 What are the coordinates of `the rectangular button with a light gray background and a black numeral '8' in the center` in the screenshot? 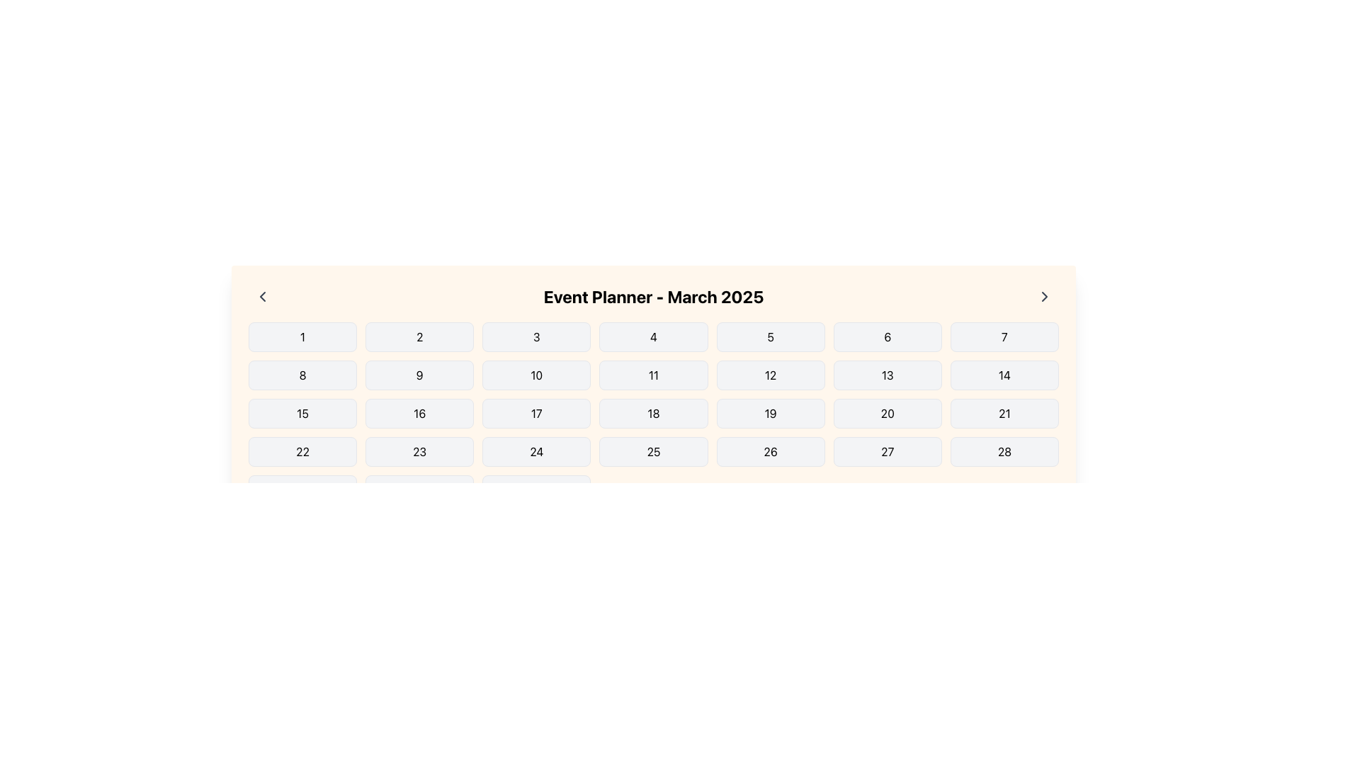 It's located at (302, 374).